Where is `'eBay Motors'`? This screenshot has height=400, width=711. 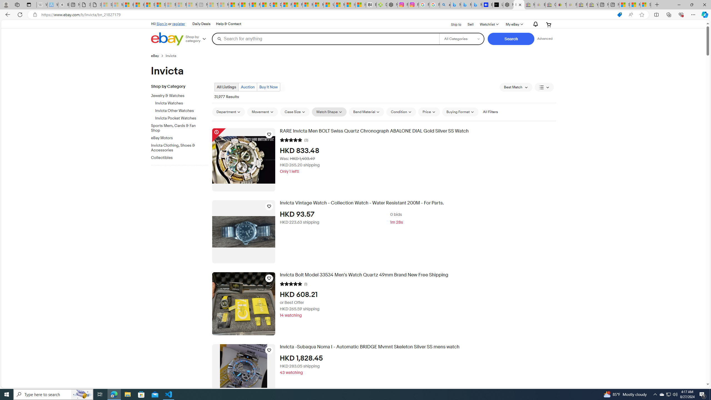 'eBay Motors' is located at coordinates (177, 138).